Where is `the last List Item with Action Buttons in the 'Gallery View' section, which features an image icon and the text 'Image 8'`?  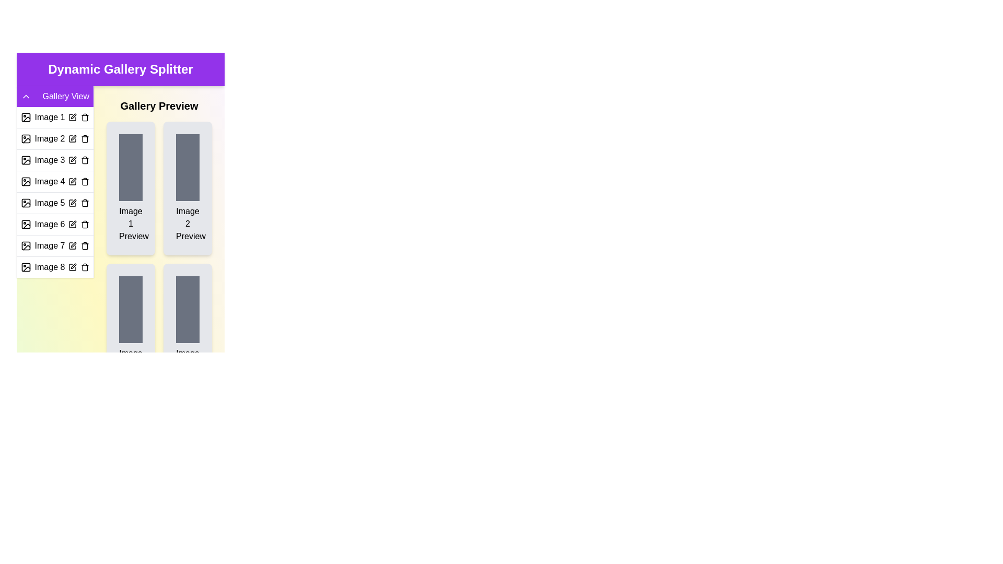
the last List Item with Action Buttons in the 'Gallery View' section, which features an image icon and the text 'Image 8' is located at coordinates (54, 266).